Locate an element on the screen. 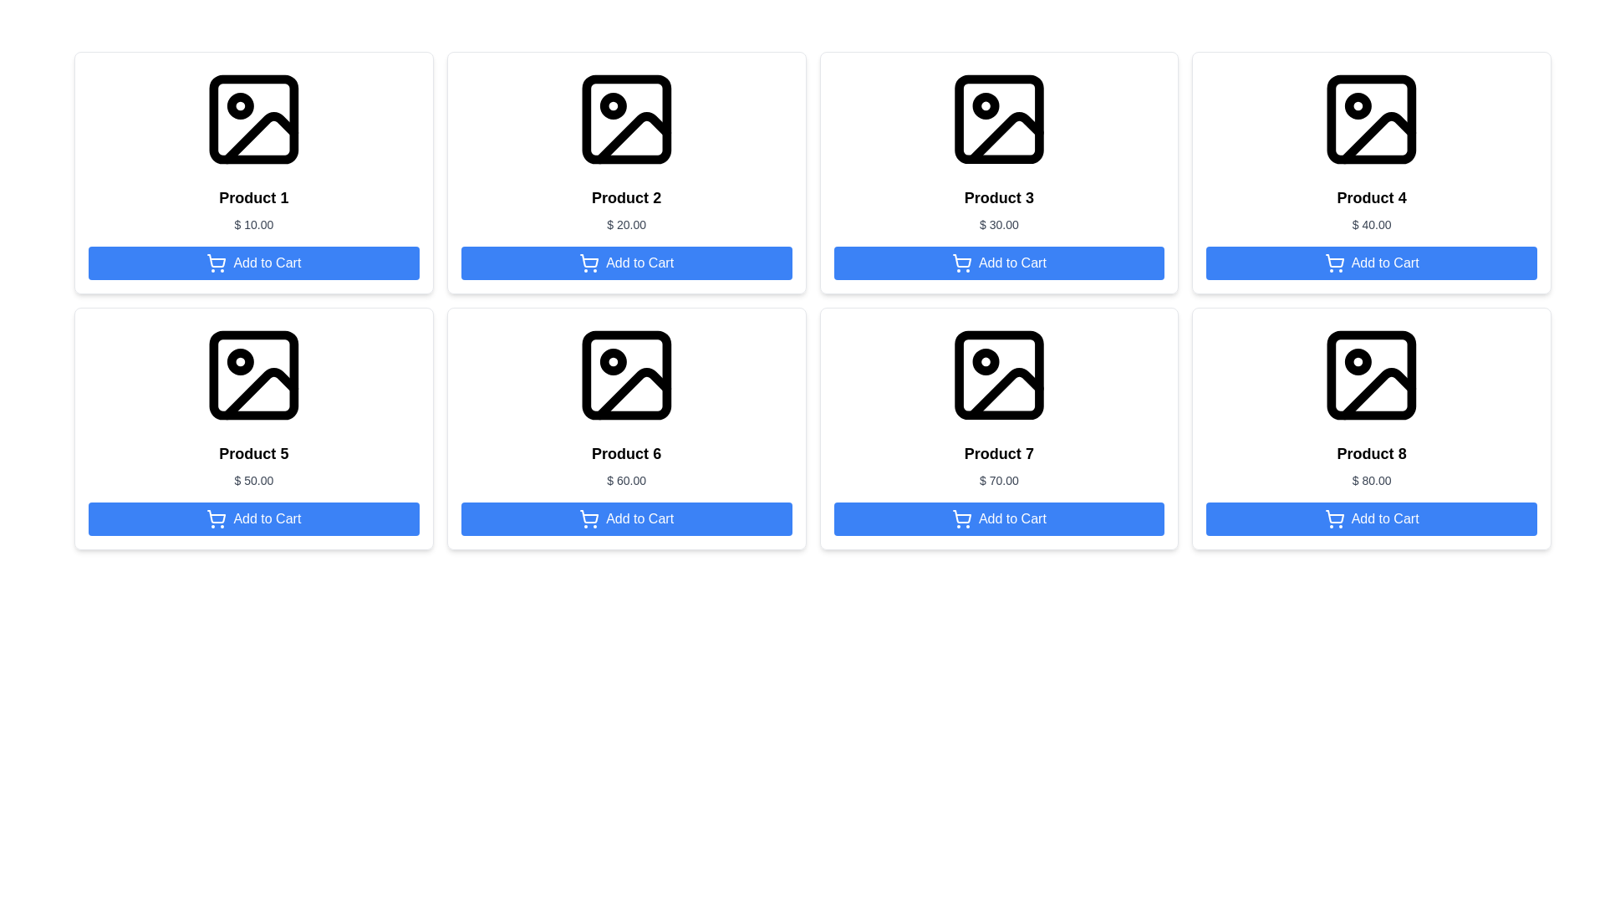  the shopping cart icon located inside the 'Add to Cart' button of the product card labeled 'Product 6', which is priced at $60 is located at coordinates (589, 516).